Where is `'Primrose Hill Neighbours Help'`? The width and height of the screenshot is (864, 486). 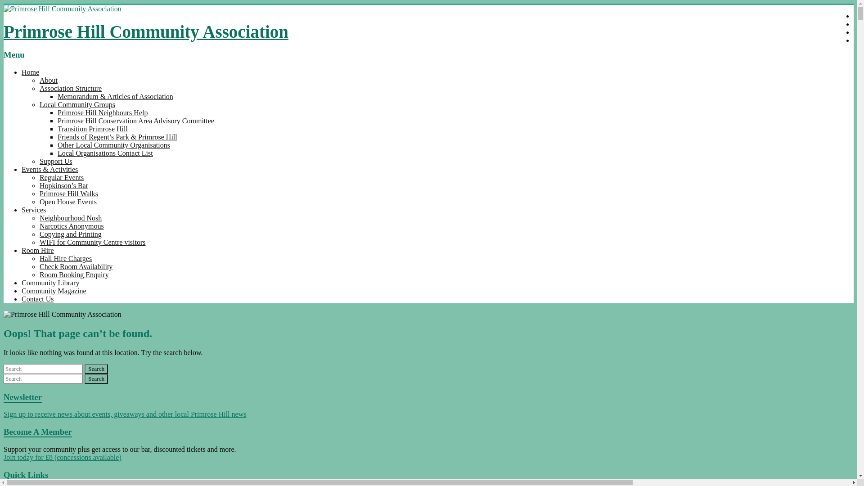 'Primrose Hill Neighbours Help' is located at coordinates (102, 112).